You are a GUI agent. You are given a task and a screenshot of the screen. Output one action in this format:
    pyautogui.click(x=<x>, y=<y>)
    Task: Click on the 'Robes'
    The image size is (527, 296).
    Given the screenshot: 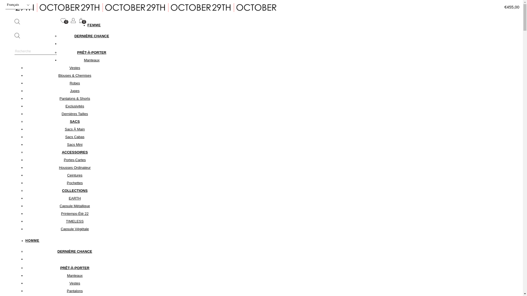 What is the action you would take?
    pyautogui.click(x=75, y=83)
    